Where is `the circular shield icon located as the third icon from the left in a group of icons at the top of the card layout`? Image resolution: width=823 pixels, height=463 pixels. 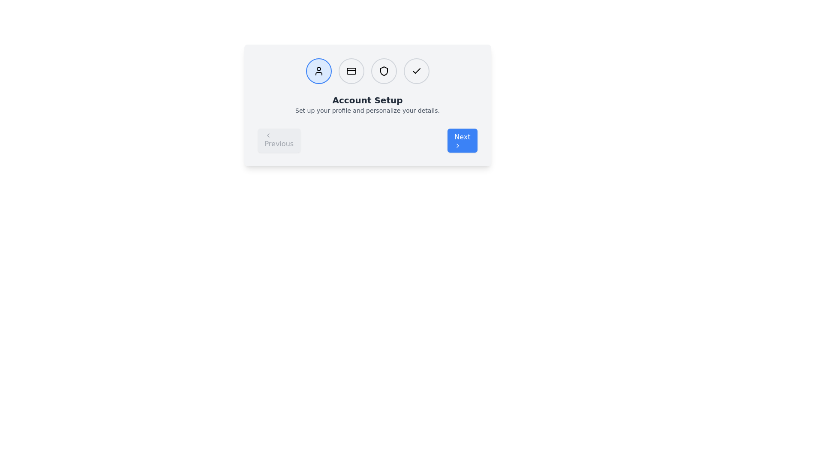
the circular shield icon located as the third icon from the left in a group of icons at the top of the card layout is located at coordinates (383, 70).